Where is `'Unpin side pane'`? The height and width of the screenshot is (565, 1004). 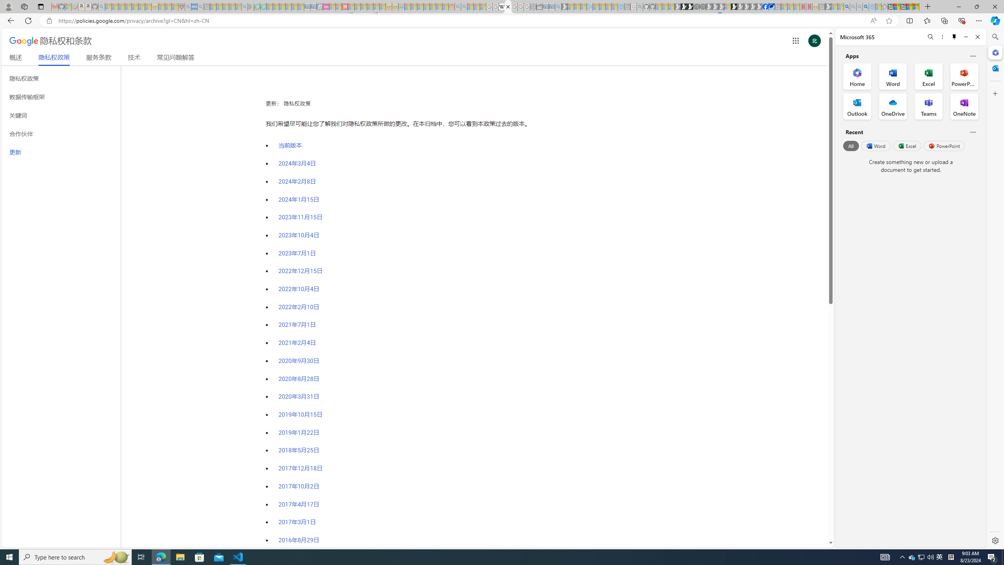
'Unpin side pane' is located at coordinates (954, 36).